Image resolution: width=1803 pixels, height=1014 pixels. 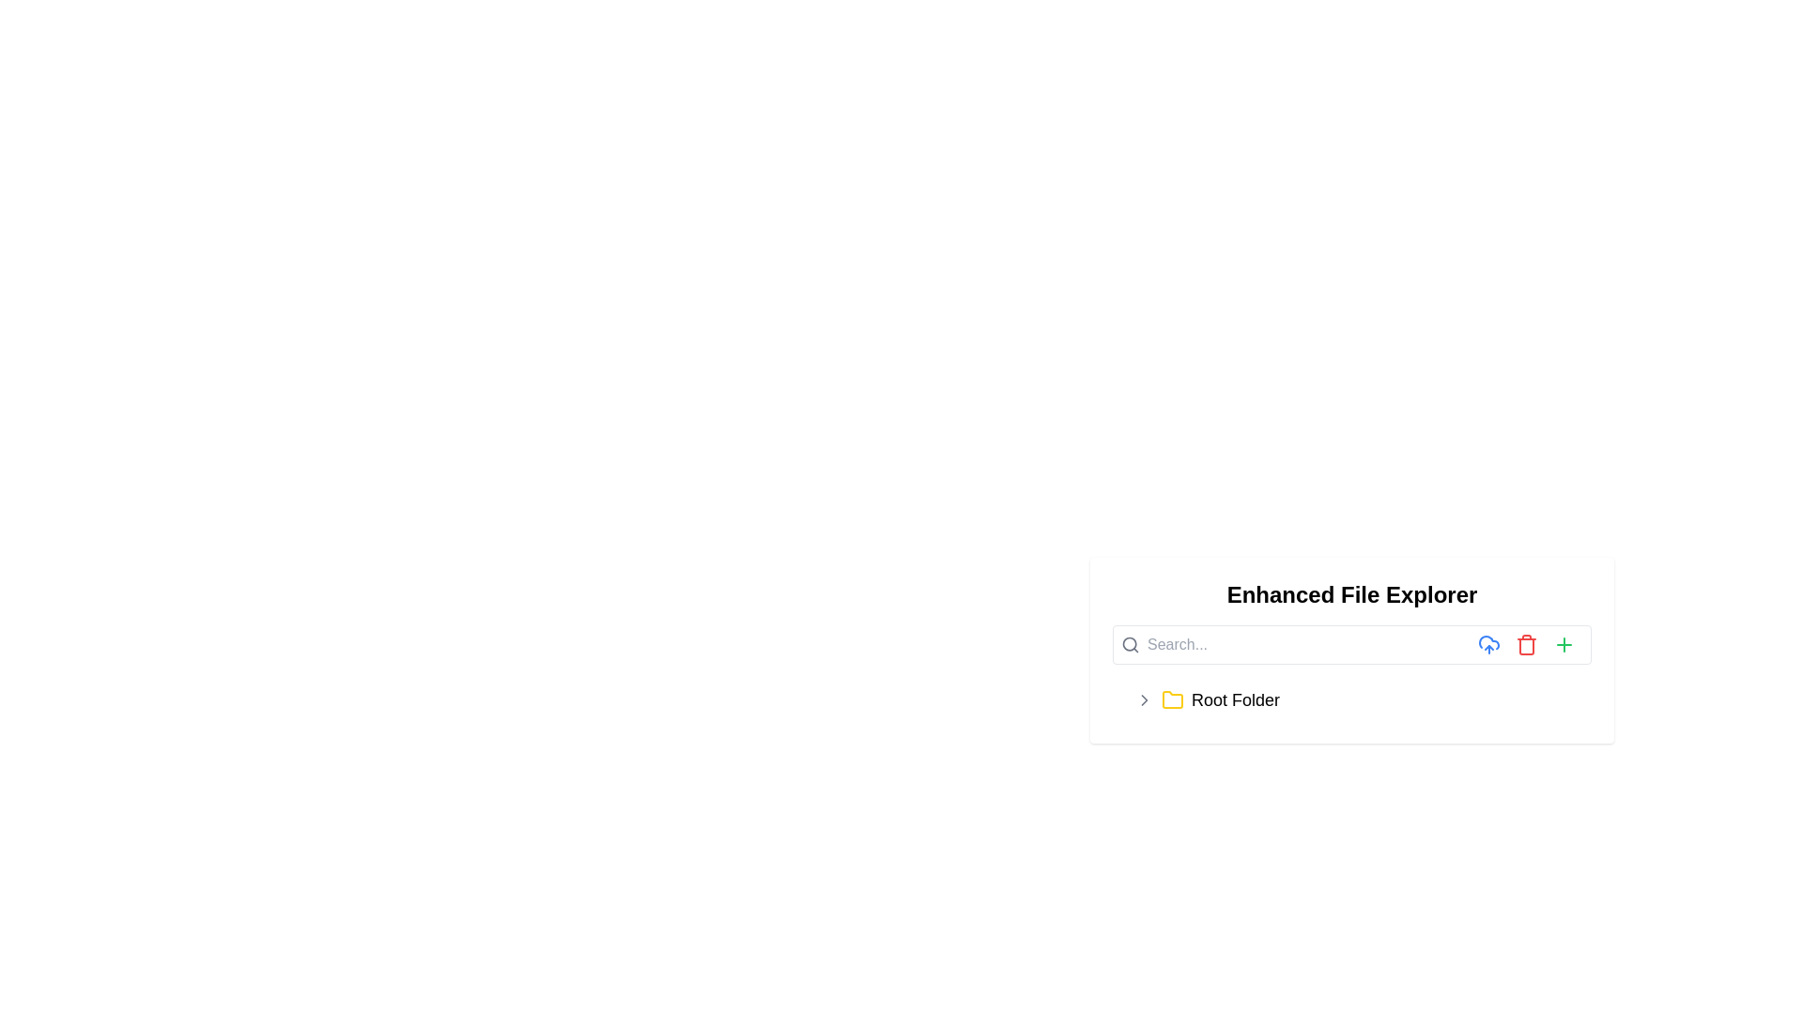 I want to click on the right-pointing gray chevron icon, so click(x=1144, y=699).